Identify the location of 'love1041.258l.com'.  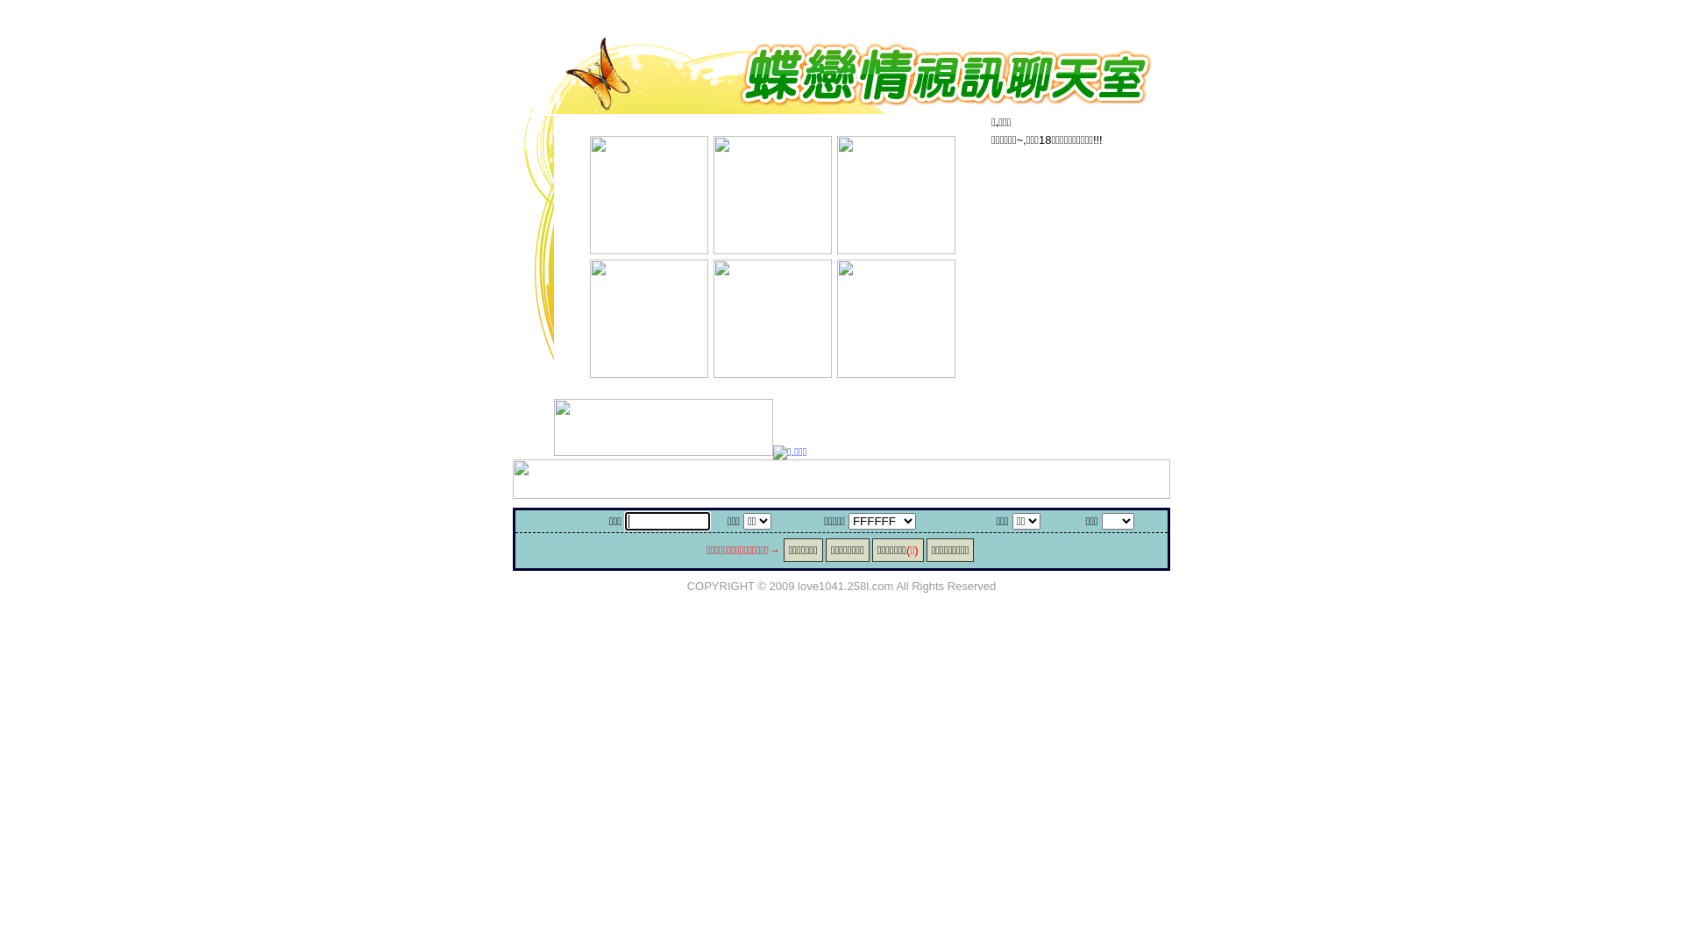
(797, 585).